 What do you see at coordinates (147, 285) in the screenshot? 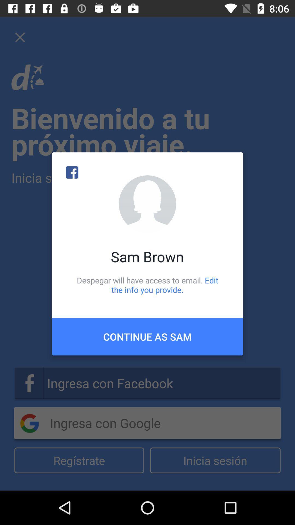
I see `the icon above the continue as sam` at bounding box center [147, 285].